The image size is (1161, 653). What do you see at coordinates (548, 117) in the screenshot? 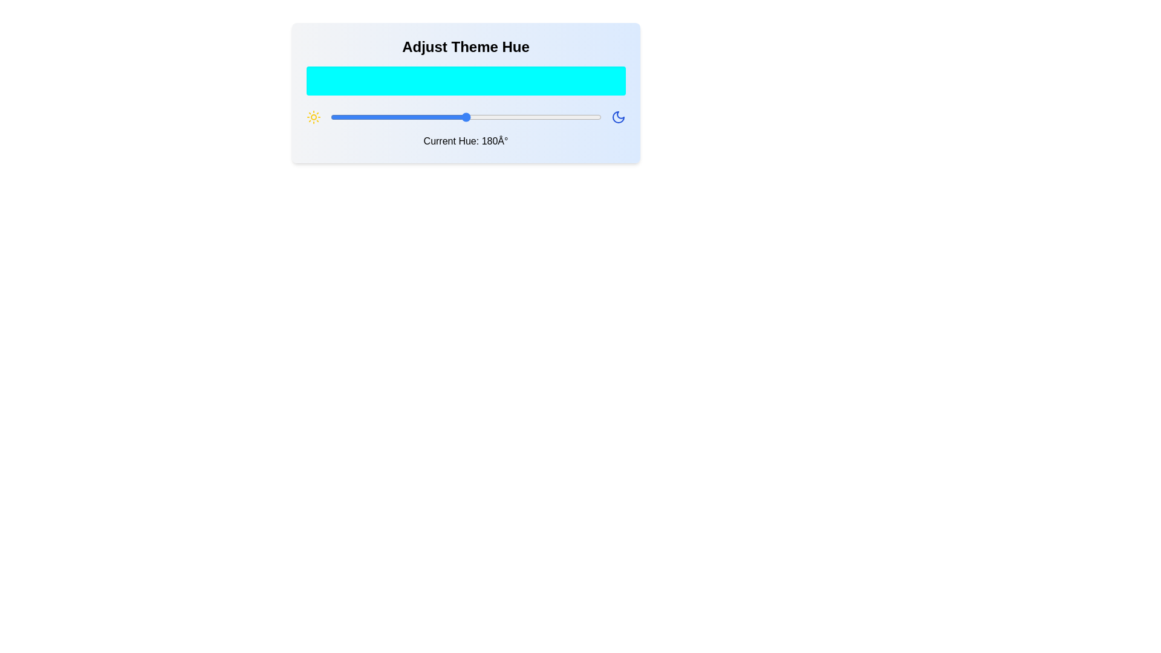
I see `the hue to 290 degrees by dragging the slider` at bounding box center [548, 117].